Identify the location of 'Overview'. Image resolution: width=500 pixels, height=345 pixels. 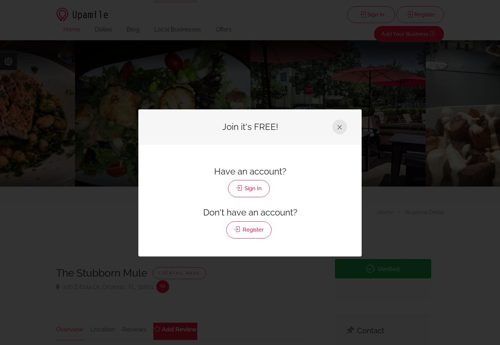
(69, 328).